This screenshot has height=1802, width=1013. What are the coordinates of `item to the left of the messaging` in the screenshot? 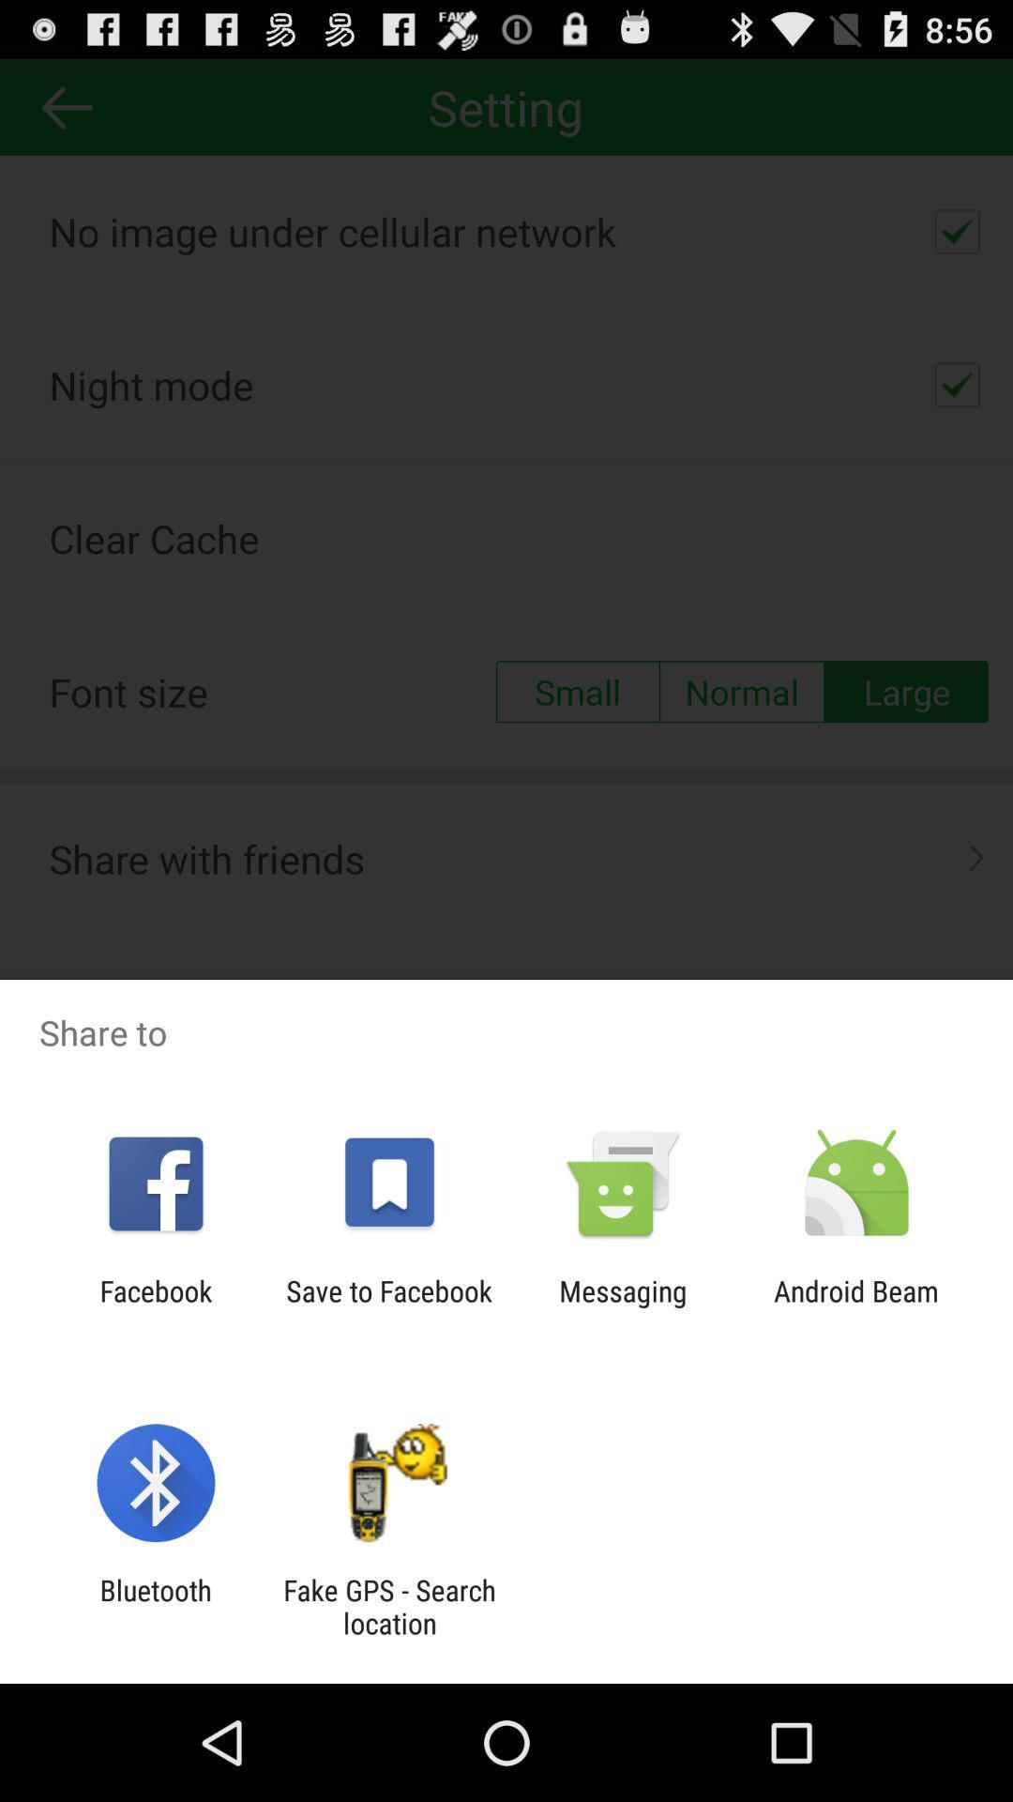 It's located at (388, 1306).